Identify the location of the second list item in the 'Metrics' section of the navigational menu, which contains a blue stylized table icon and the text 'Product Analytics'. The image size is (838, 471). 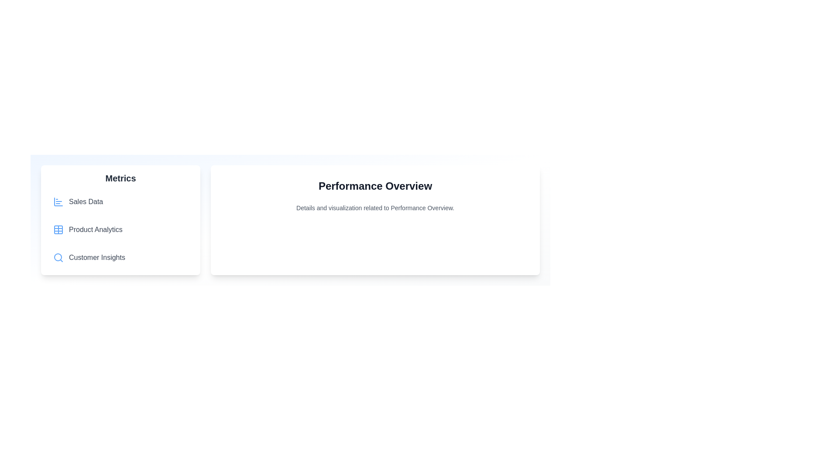
(120, 229).